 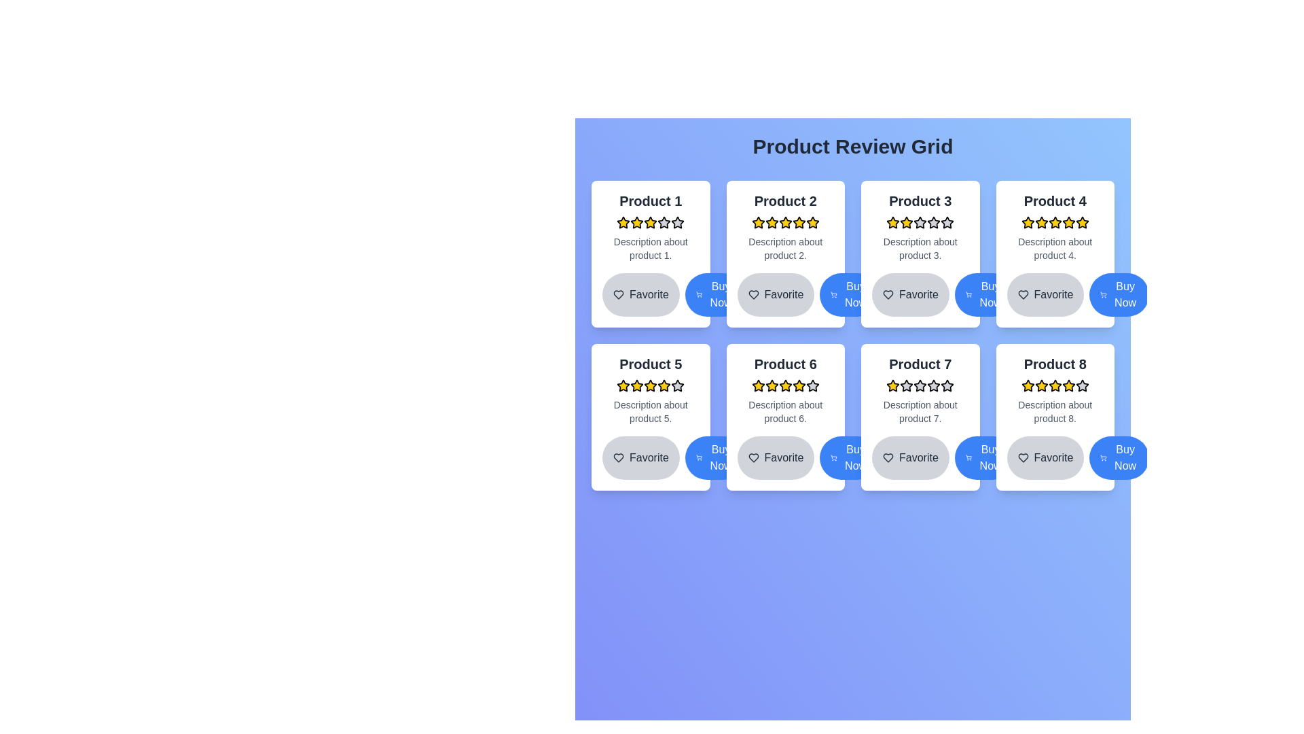 I want to click on the fifth star icon in the product rating indicator for 'Product 5' located in the second row, first column of the grid, so click(x=678, y=385).